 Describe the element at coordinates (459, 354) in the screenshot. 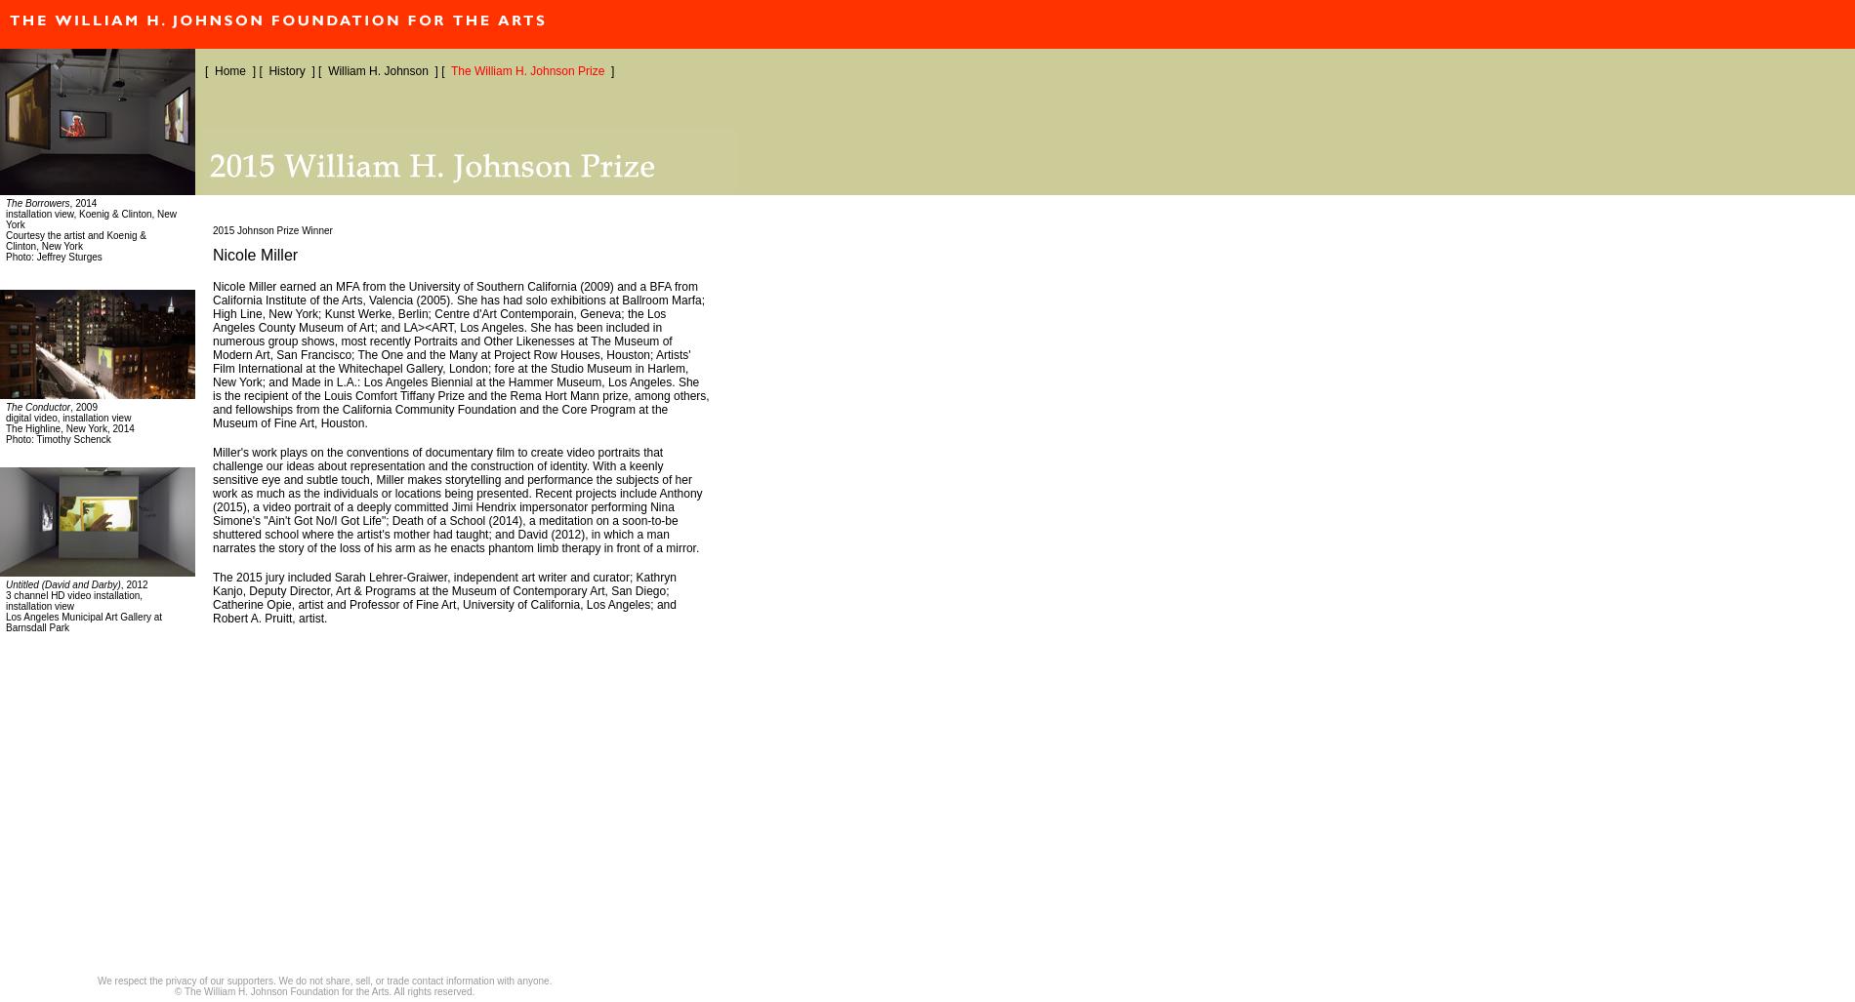

I see `'Nicole Miller earned an MFA from the University of Southern California (2009) and a BFA from California Institute of the Arts, Valencia (2005). She has had solo exhibitions at Ballroom Marfa; High Line, New York; Kunst Werke, Berlin; Centre d'Art Contemporain, Geneva; the Los Angeles County Museum of Art;  and LA><ART, Los Angeles. She has been included in numerous group shows, most recently Portraits and Other Likenesses at The Museum of Modern Art, San Francisco; The One and the Many at Project Row Houses, Houston; Artists' Film International at the Whitechapel Gallery, London; fore at the Studio Museum in Harlem, New York; and Made in L.A.: Los Angeles Biennial at the Hammer Museum, Los Angeles. She is the recipient of the Louis Comfort Tiffany Prize and the Rema Hort Mann prize, among others, and fellowships from the California Community Foundation and the Core Program at the Museum of Fine Art, Houston.'` at that location.